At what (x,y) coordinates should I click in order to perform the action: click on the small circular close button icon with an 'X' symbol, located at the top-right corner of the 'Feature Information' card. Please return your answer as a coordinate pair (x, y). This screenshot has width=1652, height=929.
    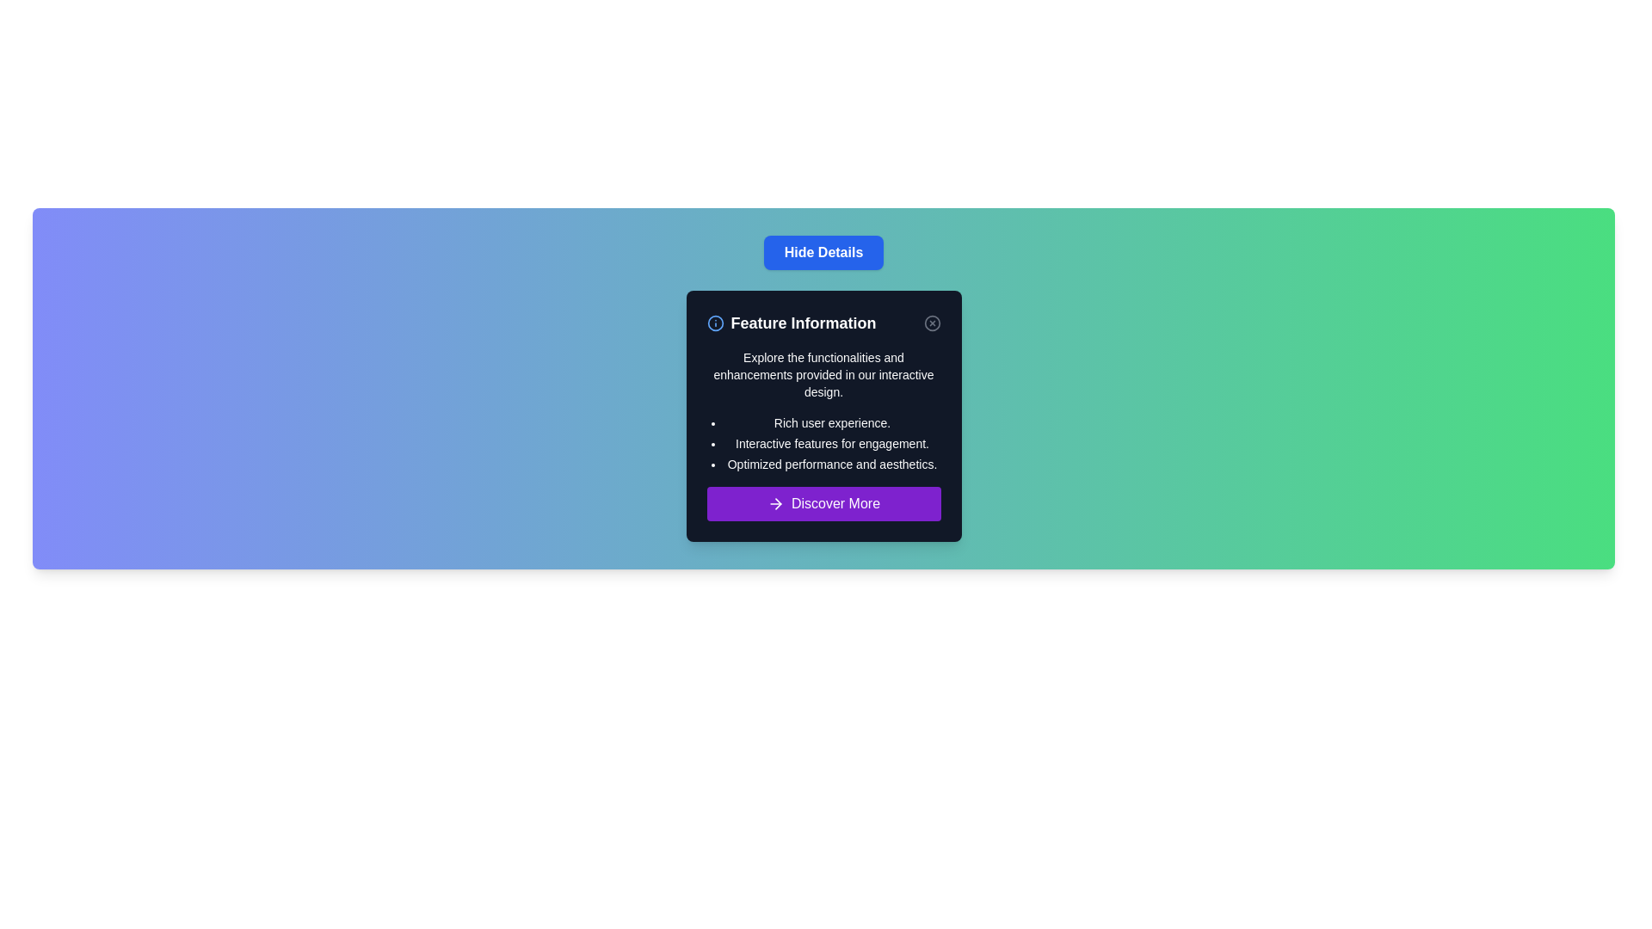
    Looking at the image, I should click on (931, 323).